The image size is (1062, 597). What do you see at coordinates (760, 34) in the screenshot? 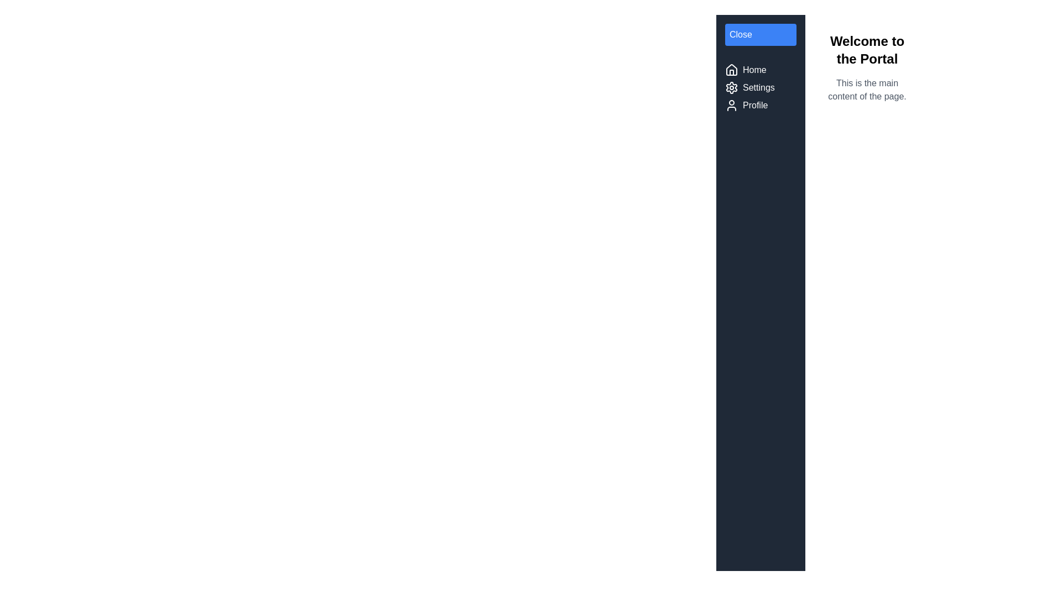
I see `the close button at the top of the sidebar menu` at bounding box center [760, 34].